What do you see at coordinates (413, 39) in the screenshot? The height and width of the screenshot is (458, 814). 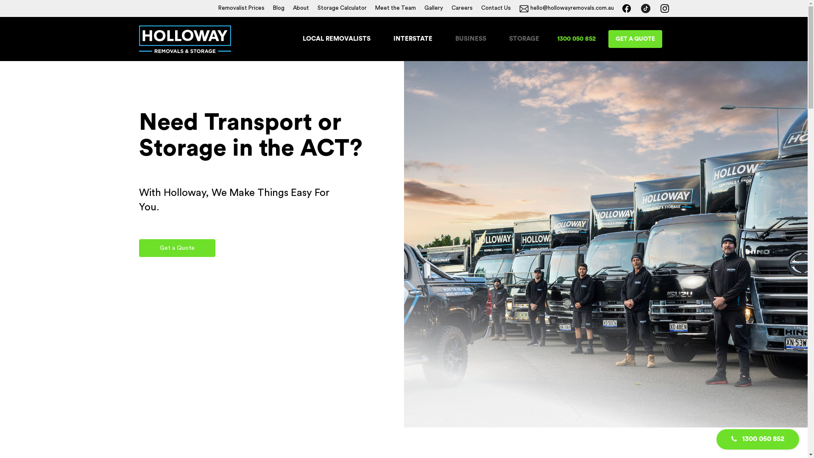 I see `'INTERSTATE'` at bounding box center [413, 39].